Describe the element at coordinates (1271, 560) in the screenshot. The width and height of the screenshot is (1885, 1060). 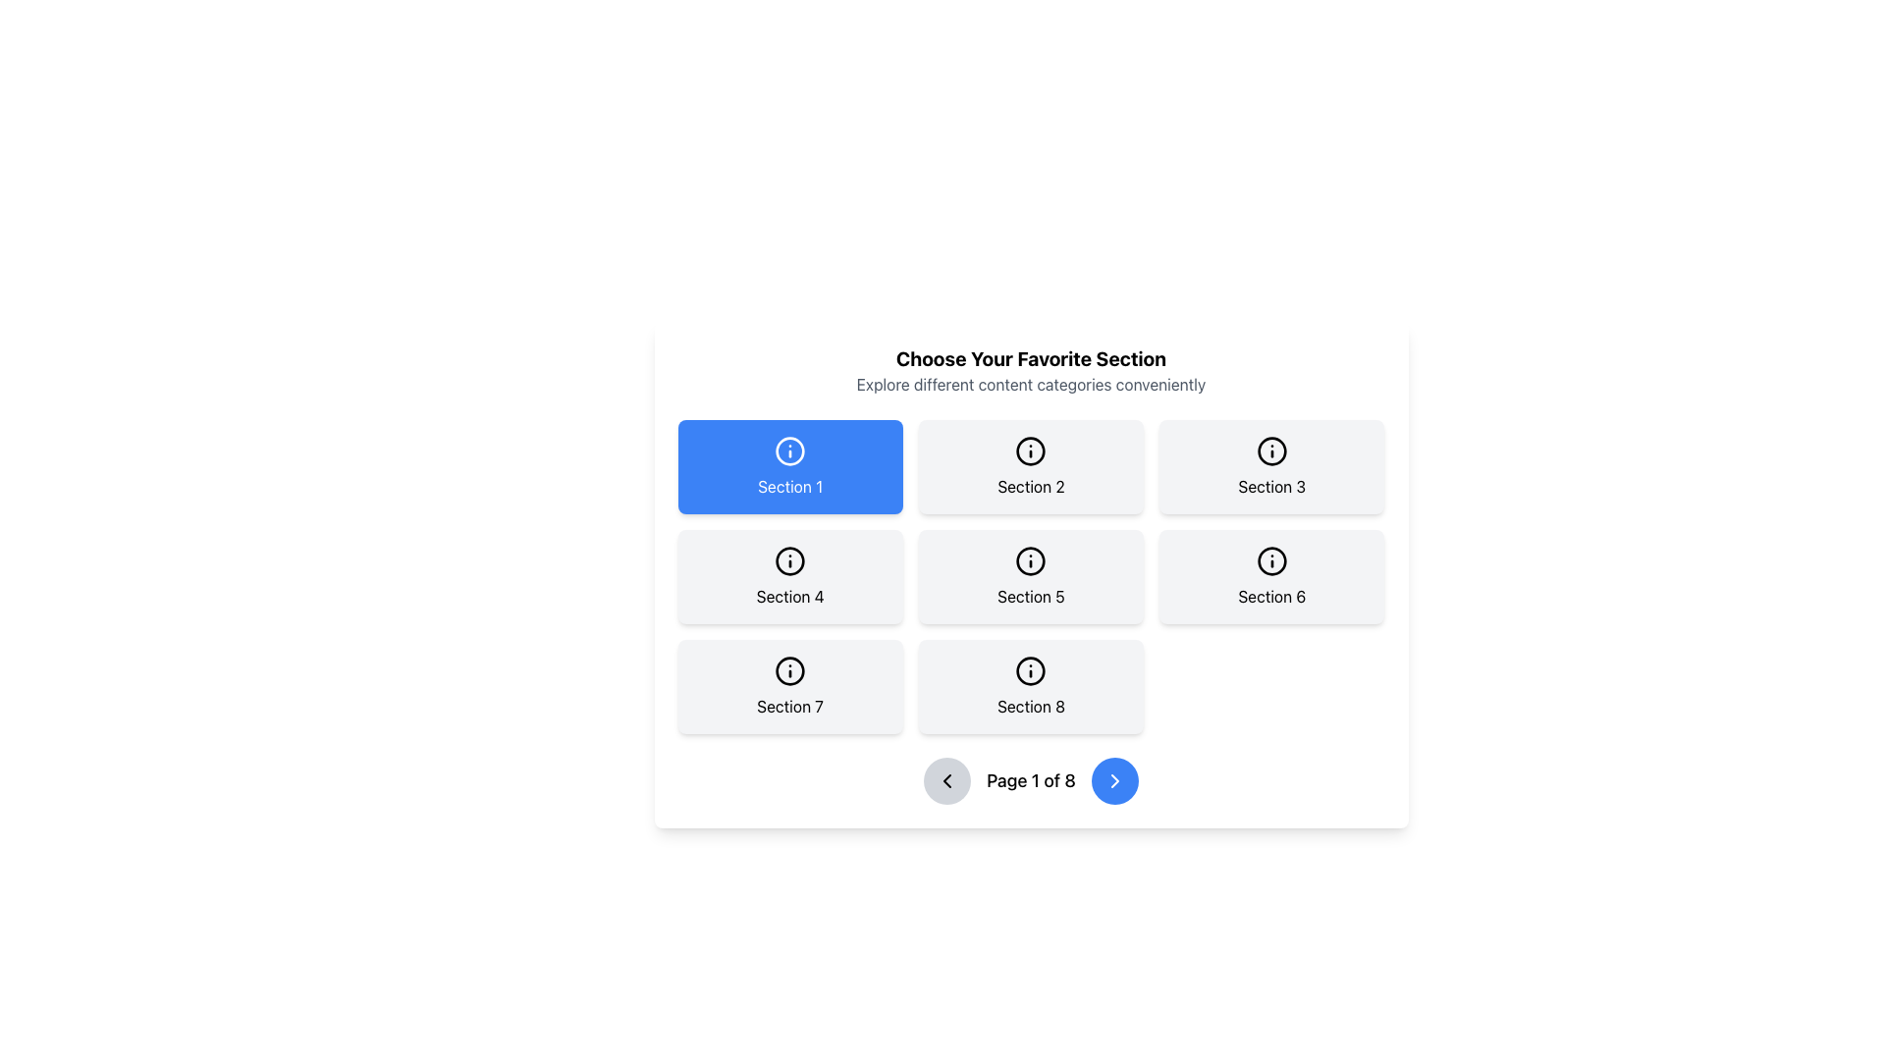
I see `the circular 'i' icon located in the second row, third column of the grid` at that location.